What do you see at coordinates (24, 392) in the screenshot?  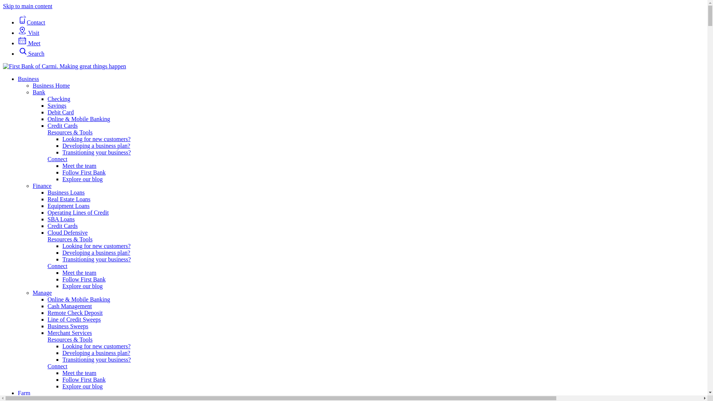 I see `'Farm'` at bounding box center [24, 392].